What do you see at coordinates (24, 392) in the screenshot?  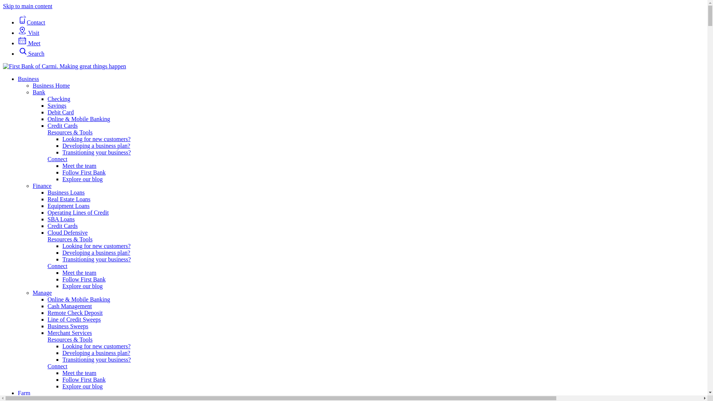 I see `'Farm'` at bounding box center [24, 392].